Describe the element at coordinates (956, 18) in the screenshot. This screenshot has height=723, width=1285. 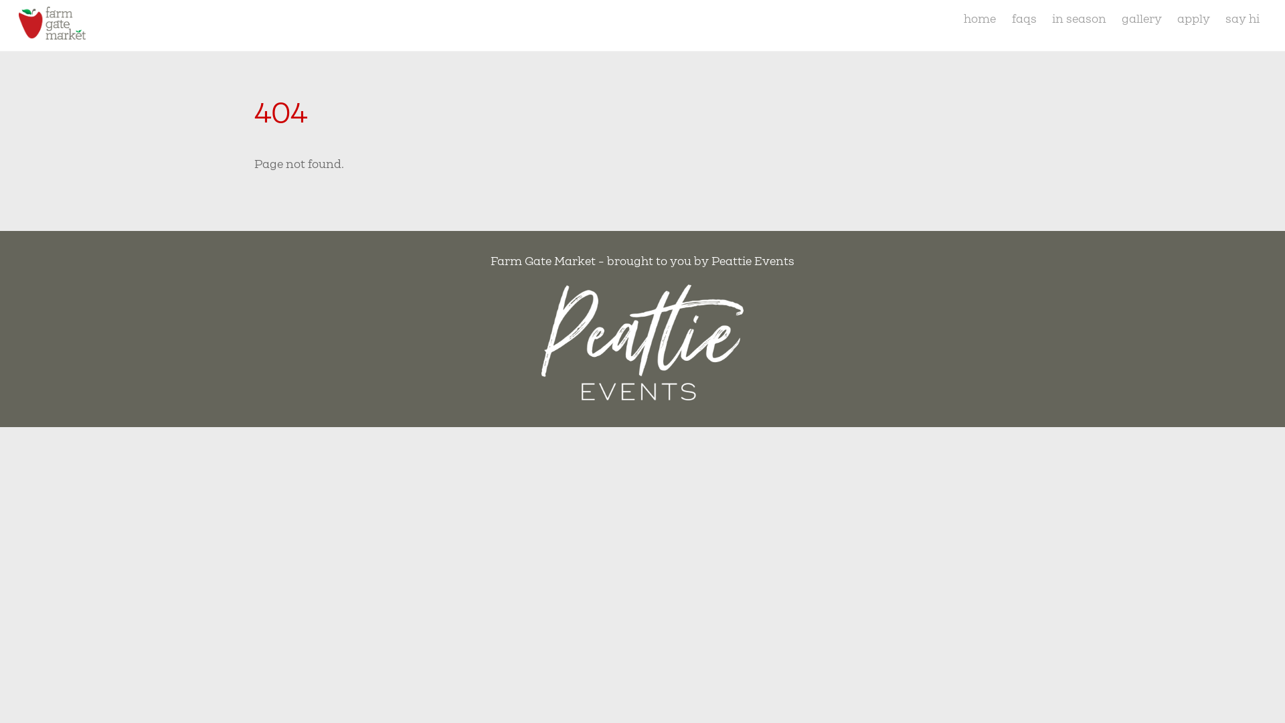
I see `'home'` at that location.